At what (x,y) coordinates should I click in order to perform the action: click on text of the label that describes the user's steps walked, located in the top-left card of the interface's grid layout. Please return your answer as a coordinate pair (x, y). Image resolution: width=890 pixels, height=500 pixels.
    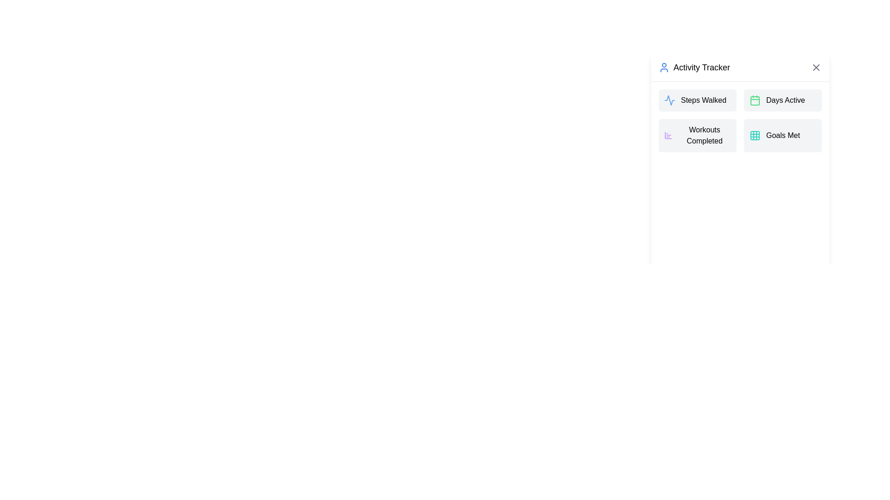
    Looking at the image, I should click on (704, 100).